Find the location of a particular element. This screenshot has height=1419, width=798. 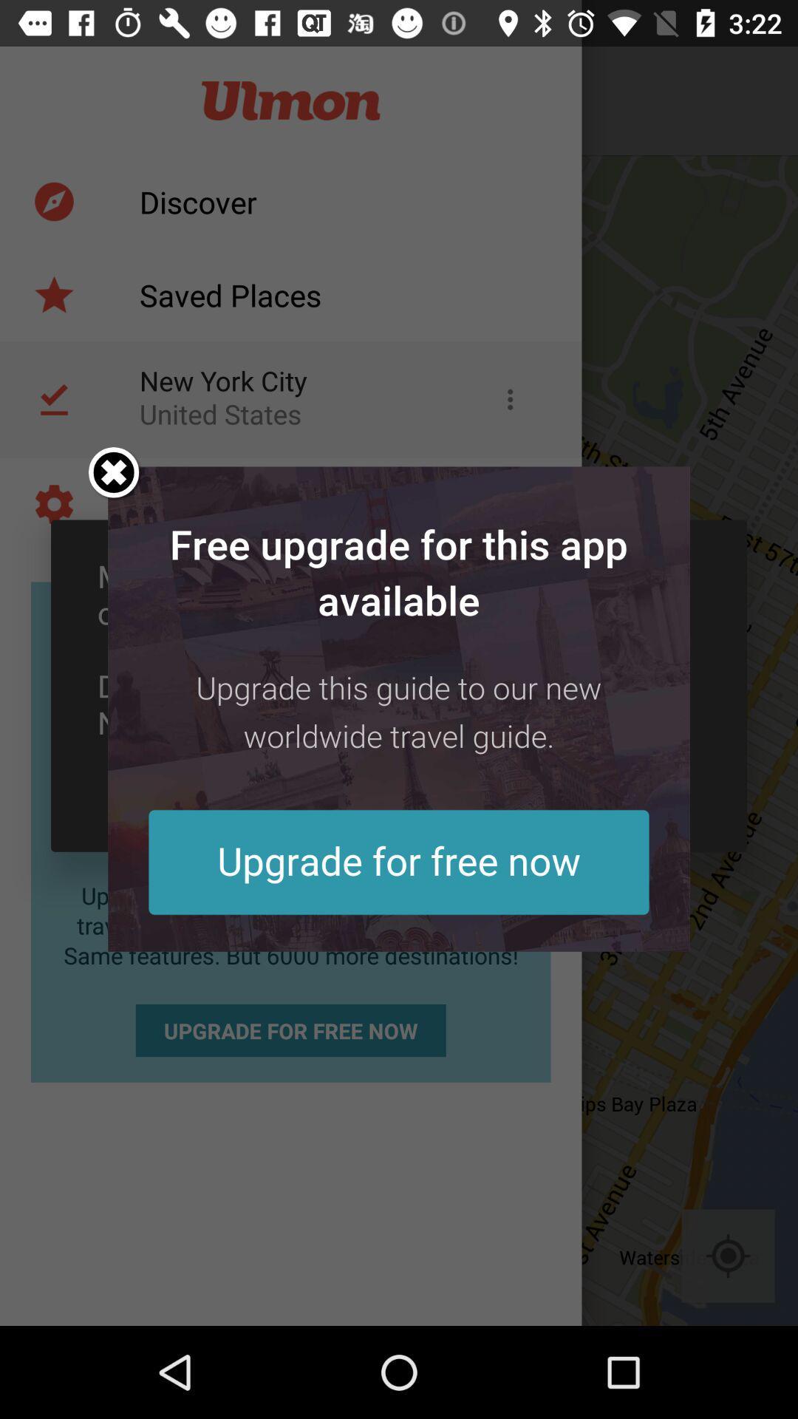

upgrade this app for free is located at coordinates (399, 708).